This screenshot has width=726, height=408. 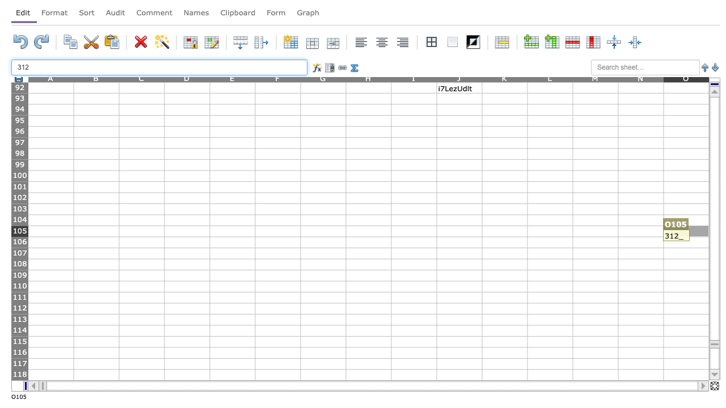 What do you see at coordinates (141, 385) in the screenshot?
I see `Activate cell C119` at bounding box center [141, 385].